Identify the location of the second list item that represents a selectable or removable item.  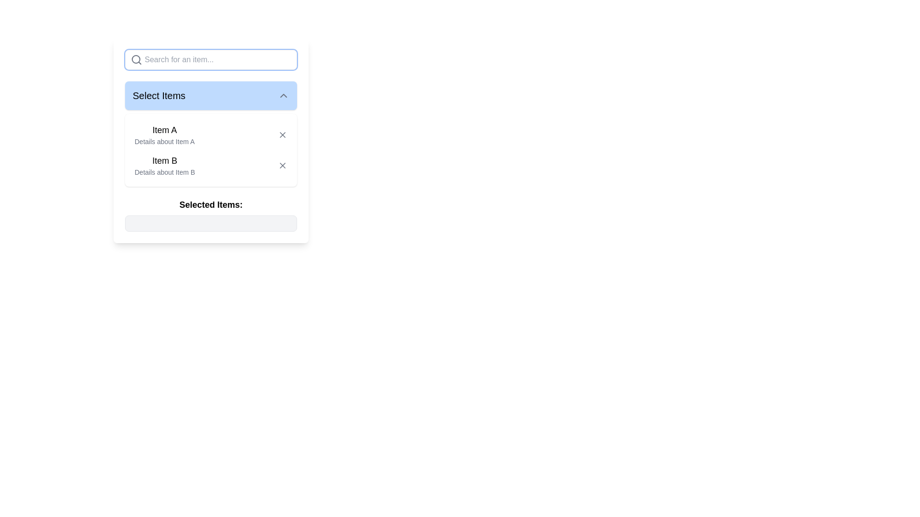
(210, 165).